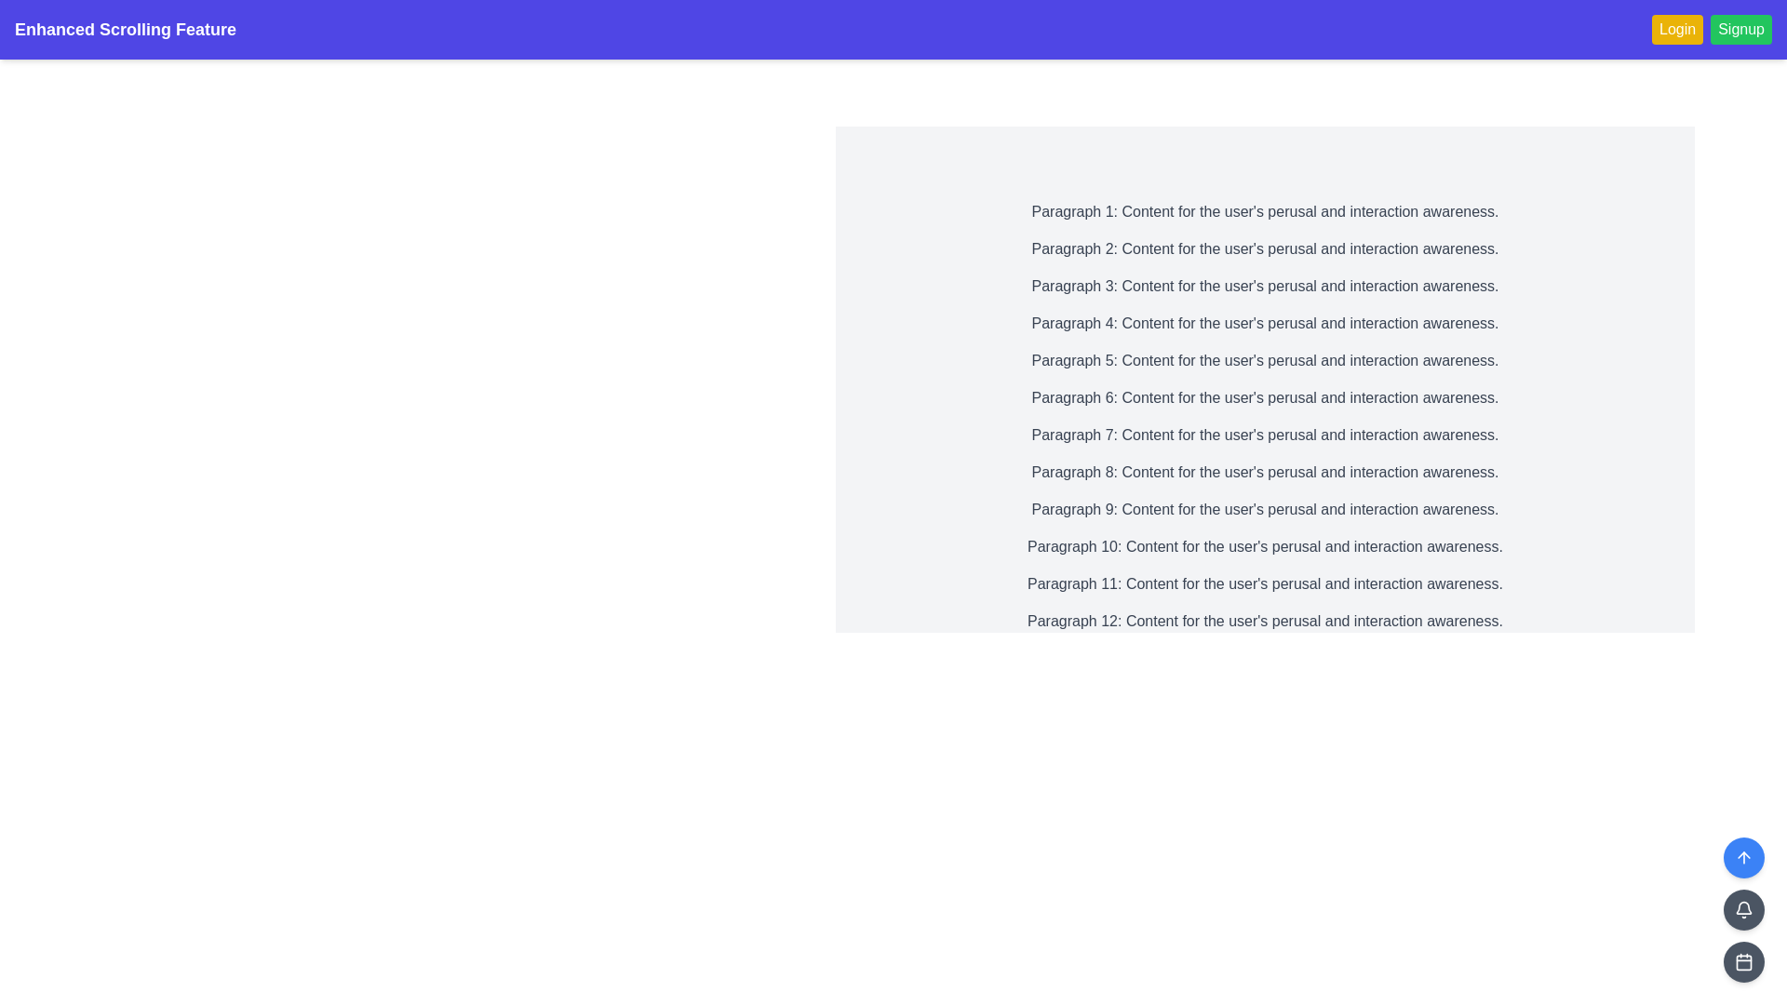 This screenshot has height=1005, width=1787. Describe the element at coordinates (1265, 322) in the screenshot. I see `the fourth text element in a vertically arranged list, located between 'Paragraph 3' and 'Paragraph 5'` at that location.